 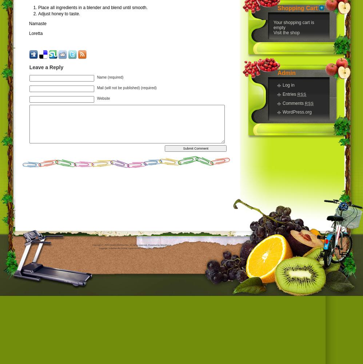 I want to click on 'Mail (will not be published) (required)', so click(x=127, y=87).